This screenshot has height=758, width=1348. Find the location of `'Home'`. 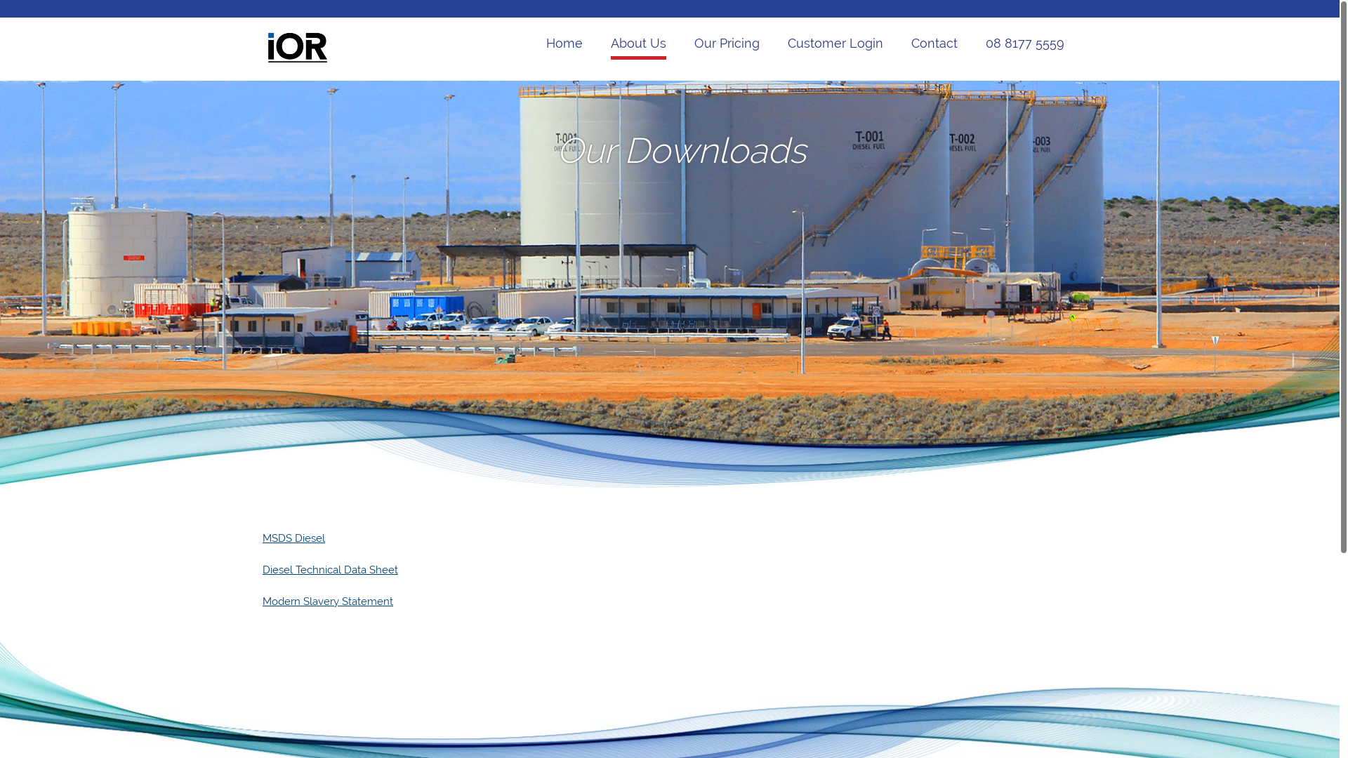

'Home' is located at coordinates (564, 44).